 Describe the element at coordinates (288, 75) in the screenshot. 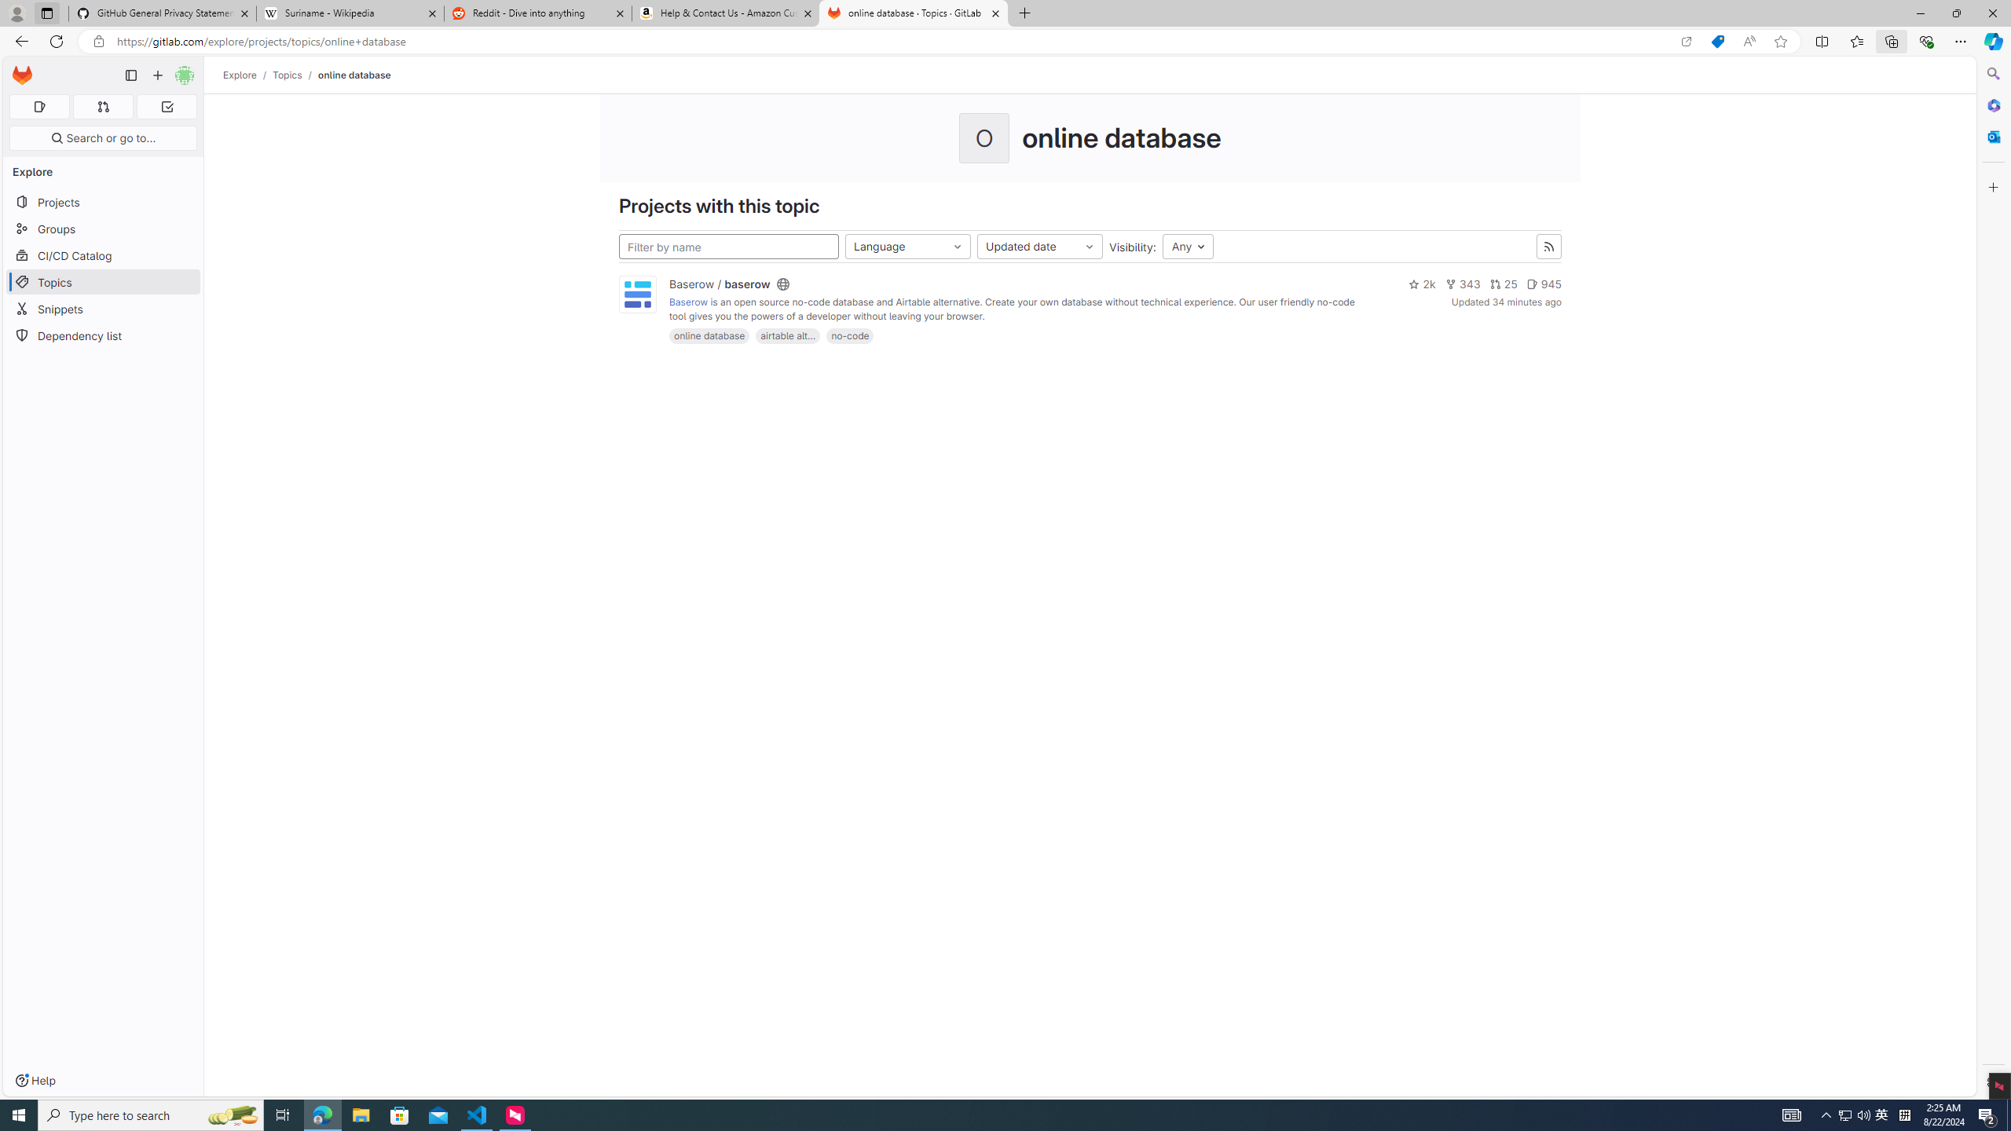

I see `'Topics'` at that location.